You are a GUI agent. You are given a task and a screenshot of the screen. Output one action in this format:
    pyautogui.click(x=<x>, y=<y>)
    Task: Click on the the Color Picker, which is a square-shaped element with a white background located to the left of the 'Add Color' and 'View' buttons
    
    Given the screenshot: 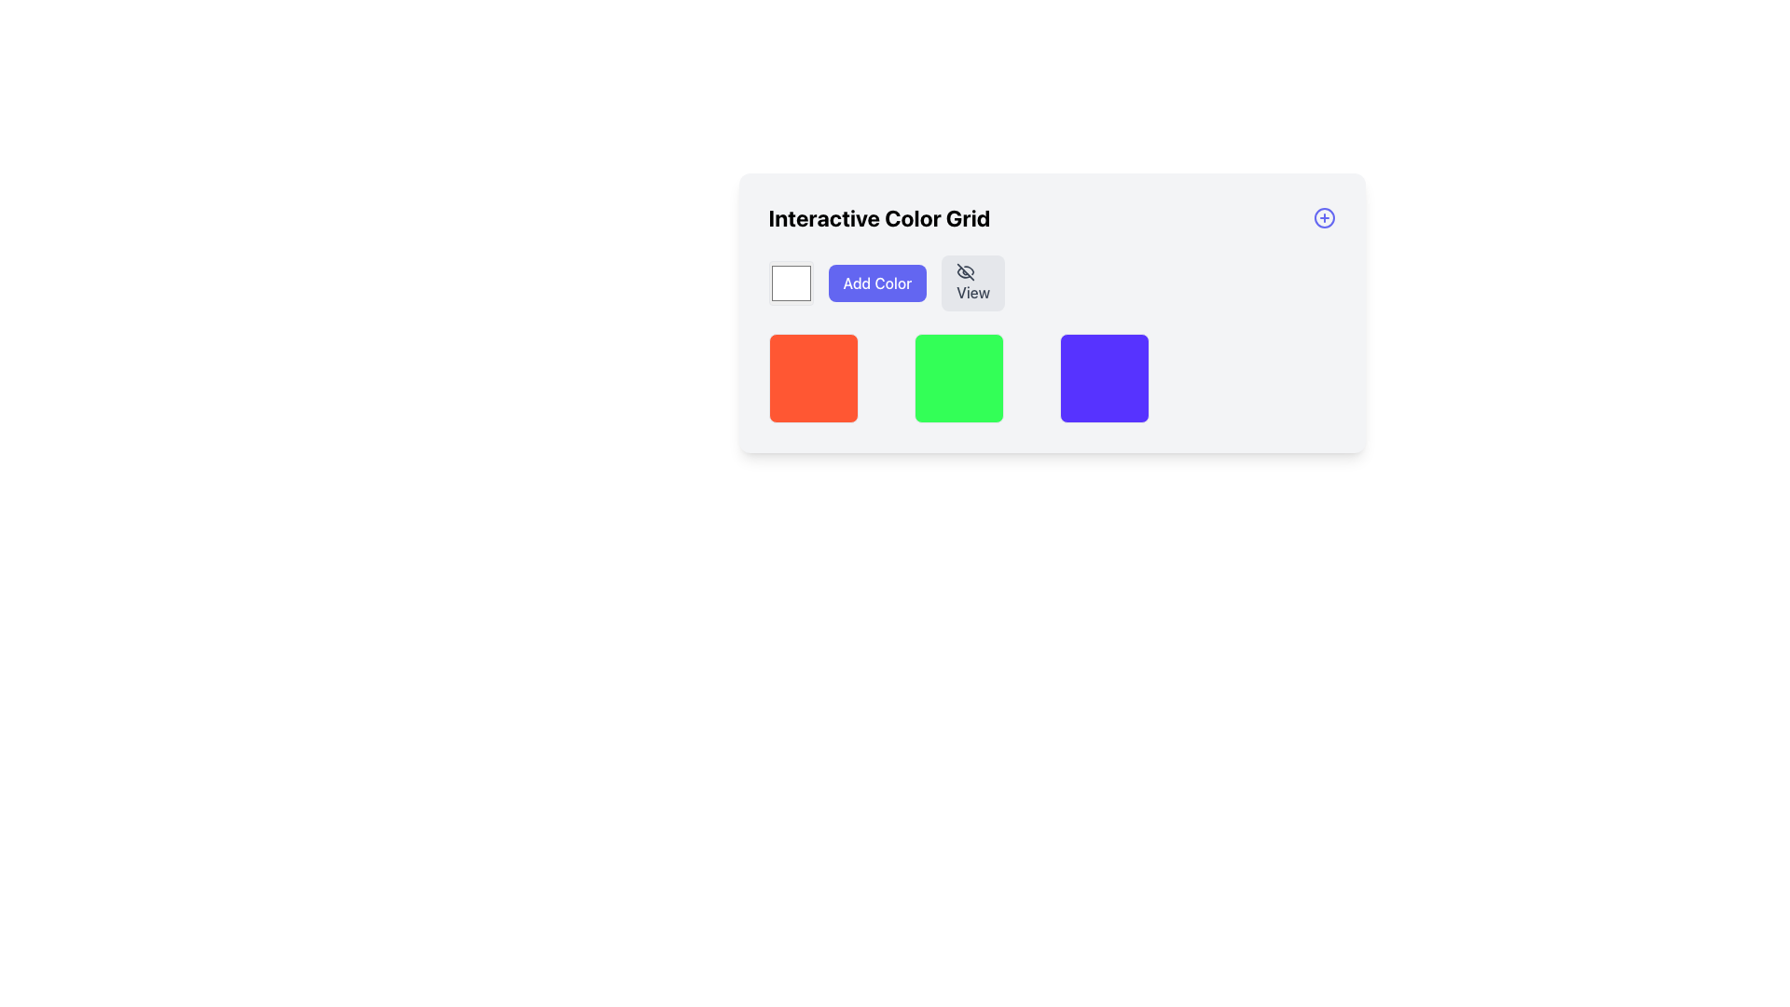 What is the action you would take?
    pyautogui.click(x=791, y=283)
    